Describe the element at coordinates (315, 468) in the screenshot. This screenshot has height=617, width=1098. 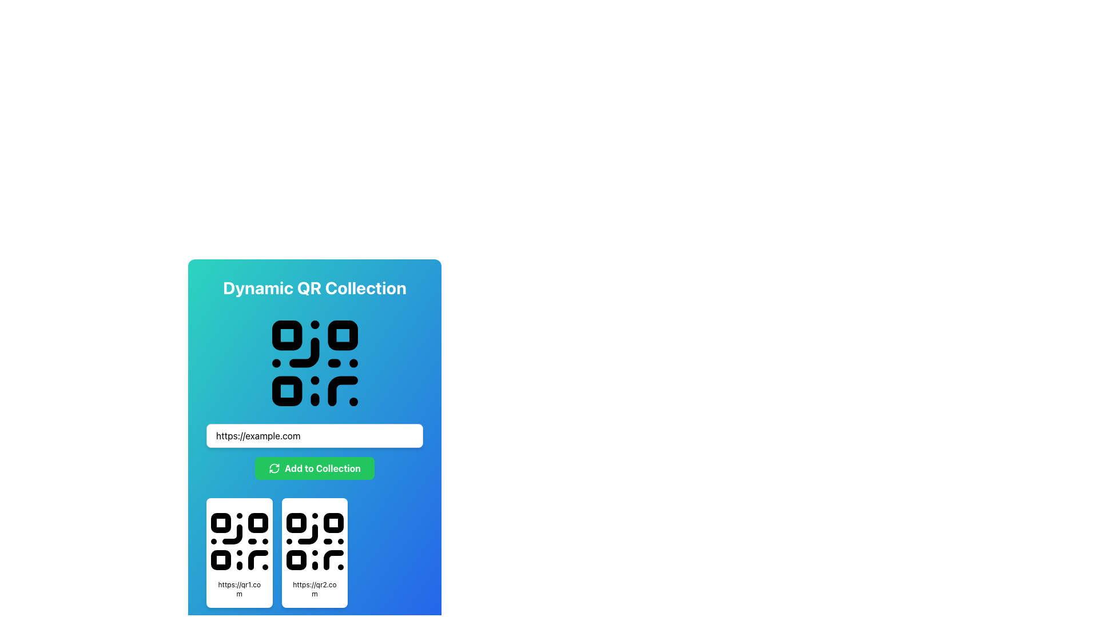
I see `the interactive button designed to add entered information, located just below the text input field and above two QR code thumbnails` at that location.